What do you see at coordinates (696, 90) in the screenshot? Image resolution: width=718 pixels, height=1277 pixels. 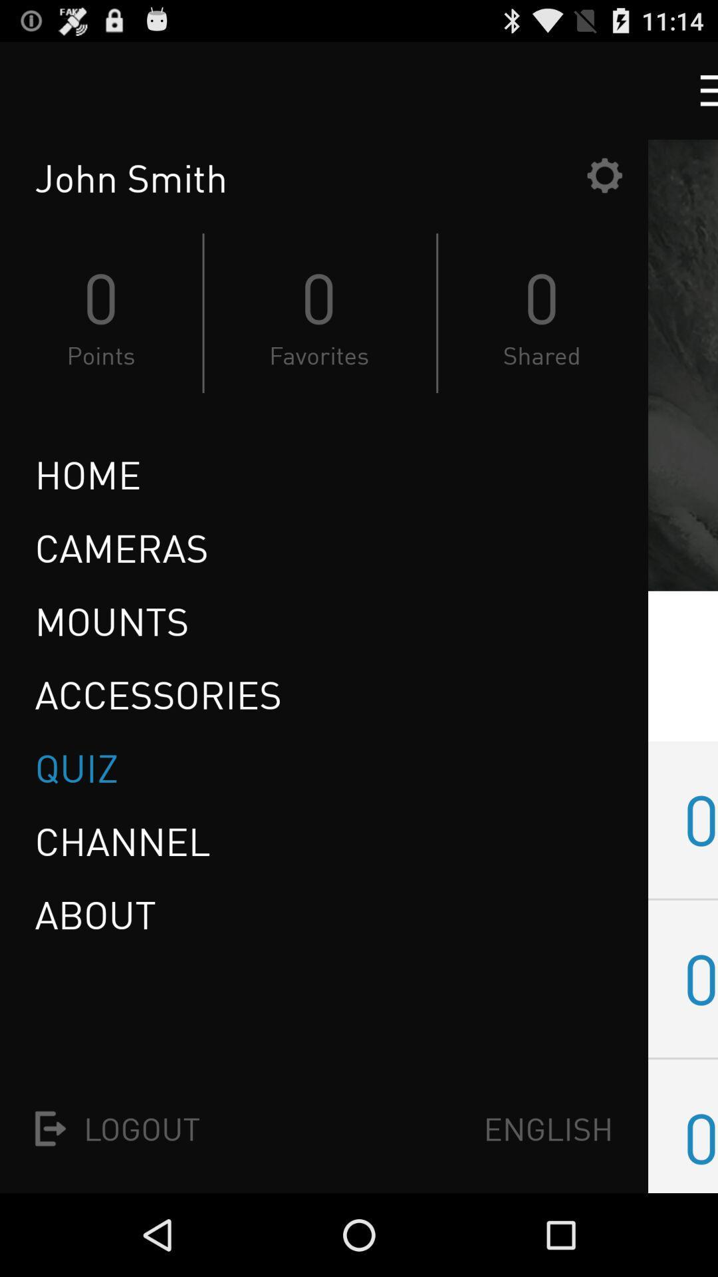 I see `see more options` at bounding box center [696, 90].